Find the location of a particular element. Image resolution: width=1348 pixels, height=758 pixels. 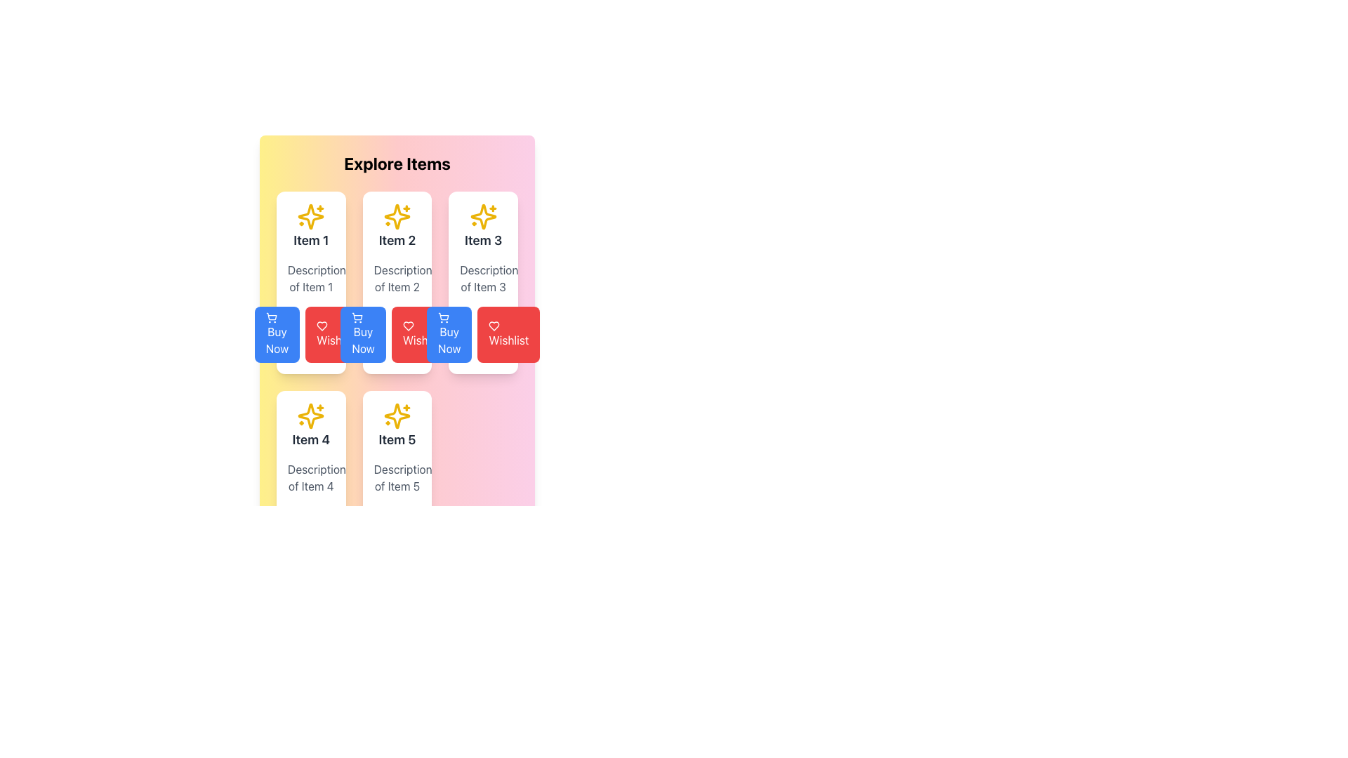

the text element that reads 'Item 4' in bold dark gray font, positioned in the fourth place of a vertical list is located at coordinates (310, 439).